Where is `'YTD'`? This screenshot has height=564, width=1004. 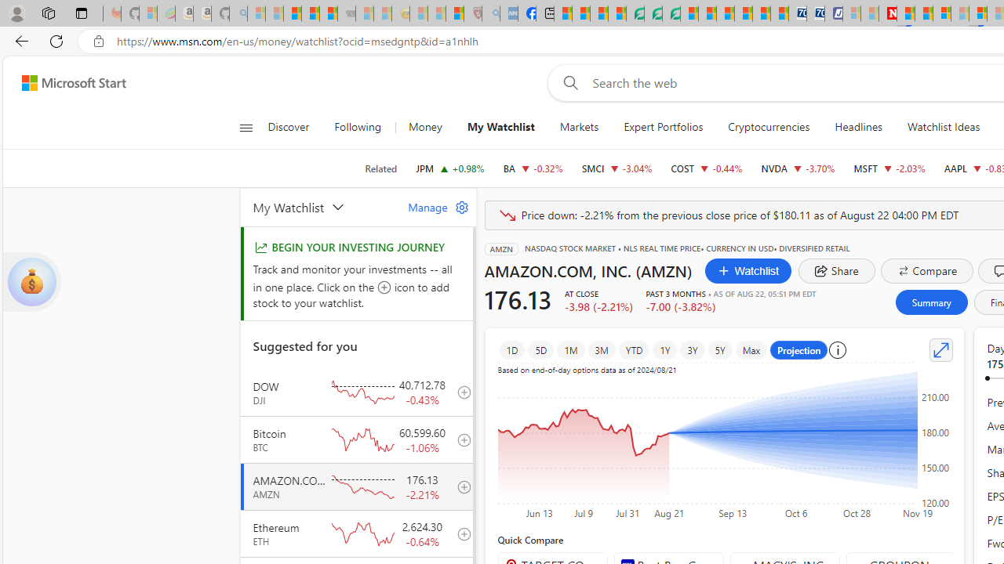 'YTD' is located at coordinates (634, 349).